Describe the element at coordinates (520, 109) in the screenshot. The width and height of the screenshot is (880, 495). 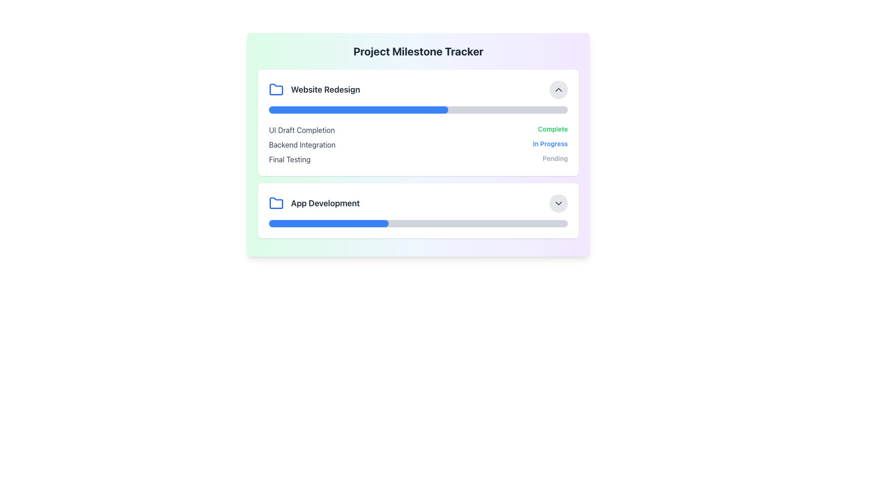
I see `the progress bar` at that location.